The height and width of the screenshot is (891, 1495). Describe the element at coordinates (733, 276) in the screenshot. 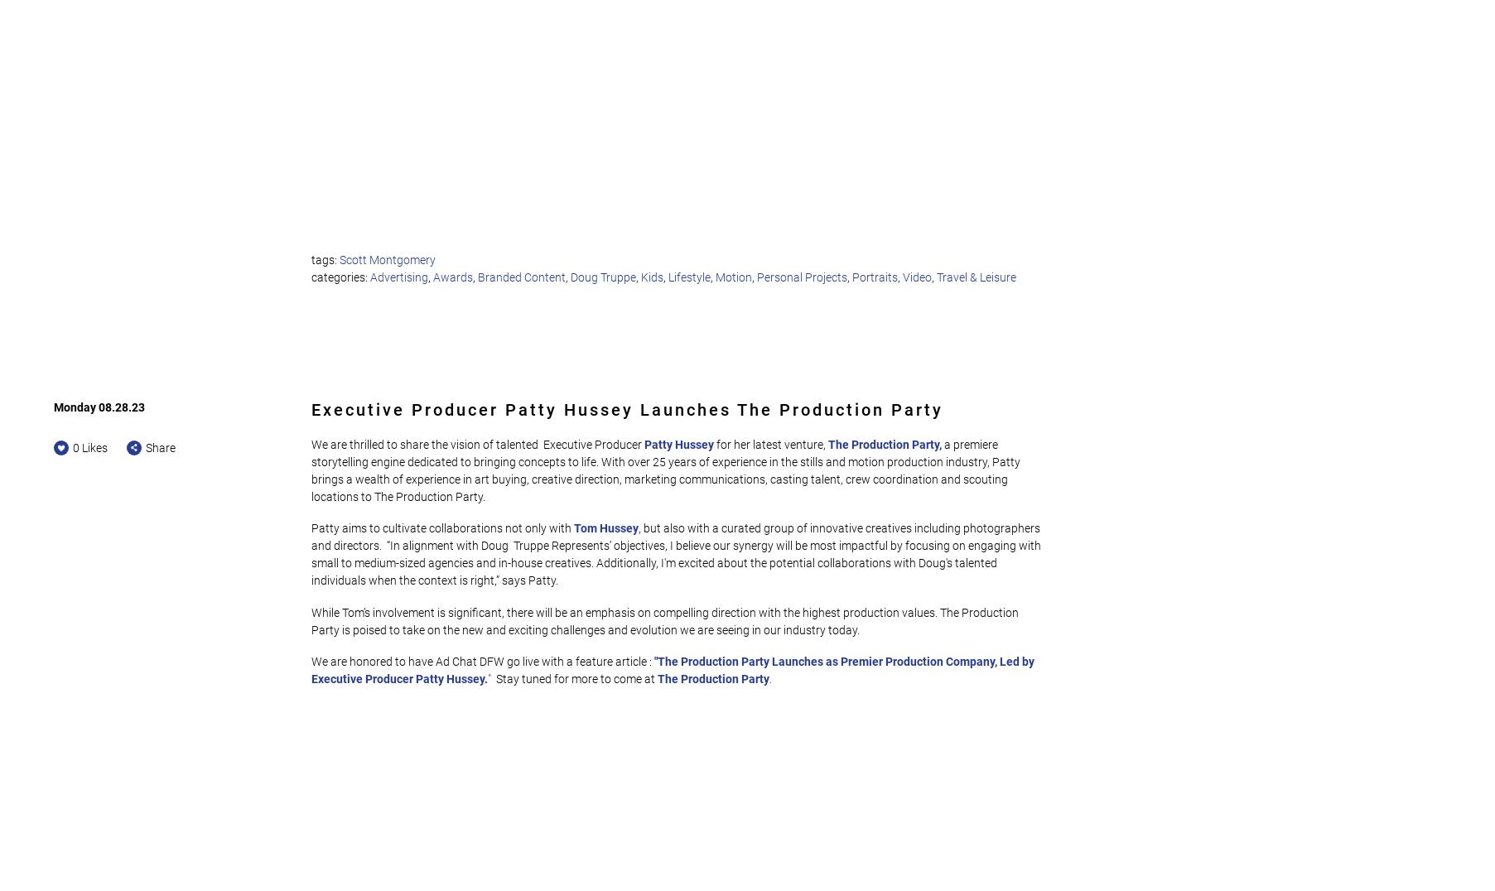

I see `'Motion'` at that location.